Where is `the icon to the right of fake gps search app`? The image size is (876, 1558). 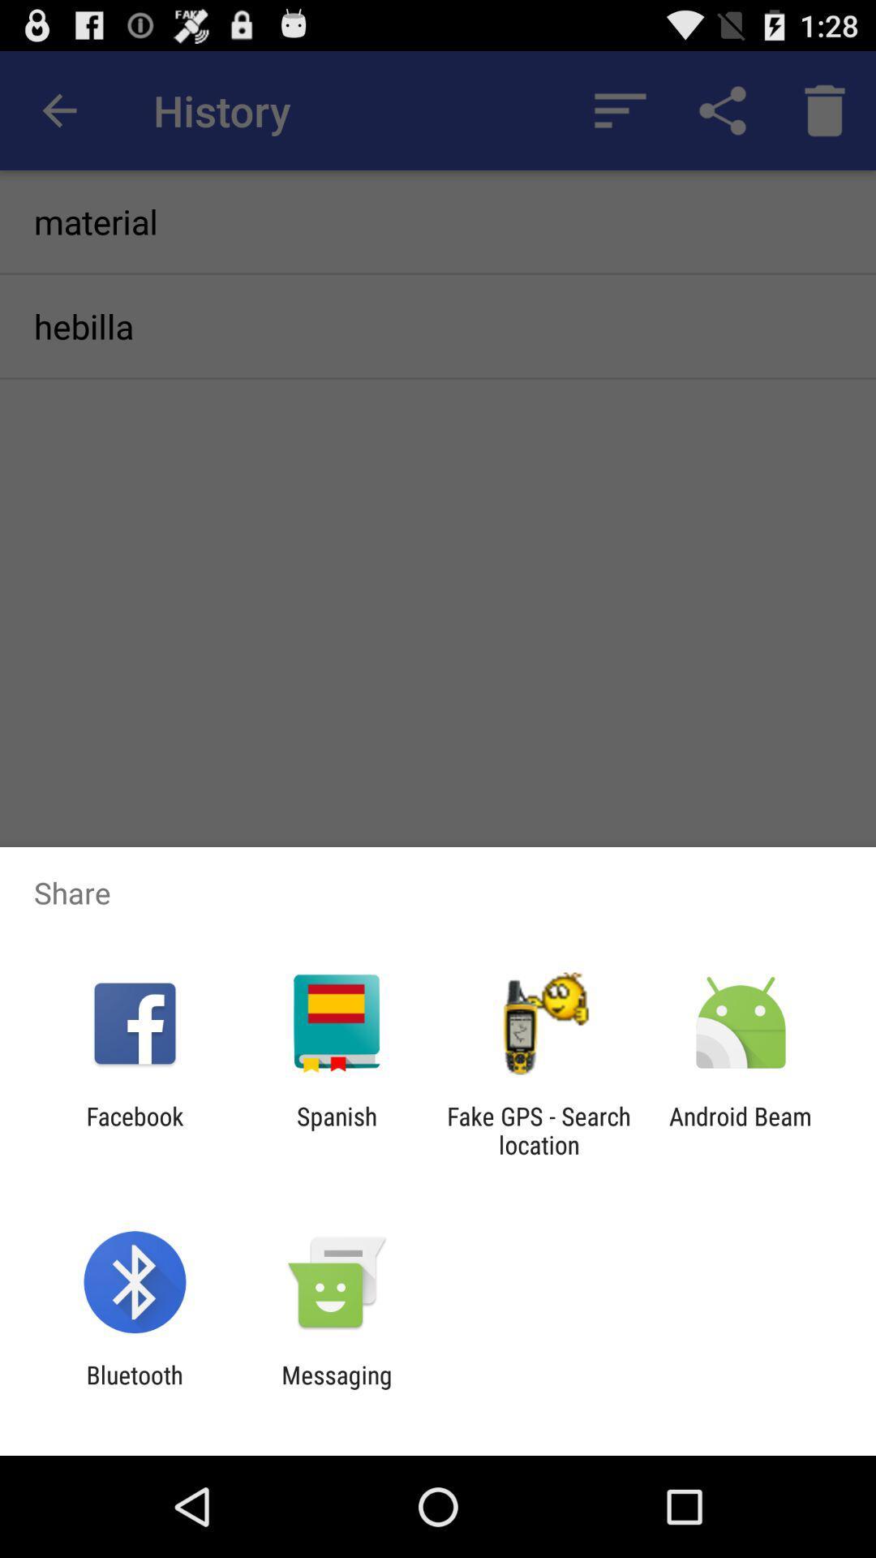 the icon to the right of fake gps search app is located at coordinates (741, 1130).